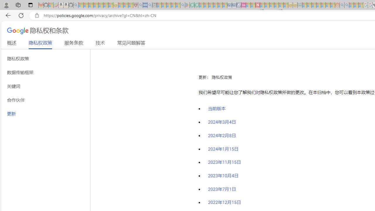  What do you see at coordinates (234, 5) in the screenshot?
I see `'Cheap Hotels - Save70.com - Sleeping'` at bounding box center [234, 5].